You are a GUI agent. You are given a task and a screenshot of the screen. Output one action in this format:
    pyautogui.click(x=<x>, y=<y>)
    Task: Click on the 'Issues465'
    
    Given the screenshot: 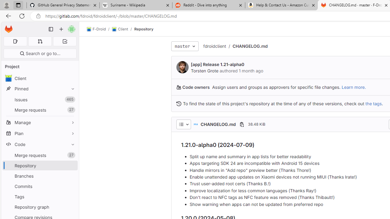 What is the action you would take?
    pyautogui.click(x=40, y=99)
    